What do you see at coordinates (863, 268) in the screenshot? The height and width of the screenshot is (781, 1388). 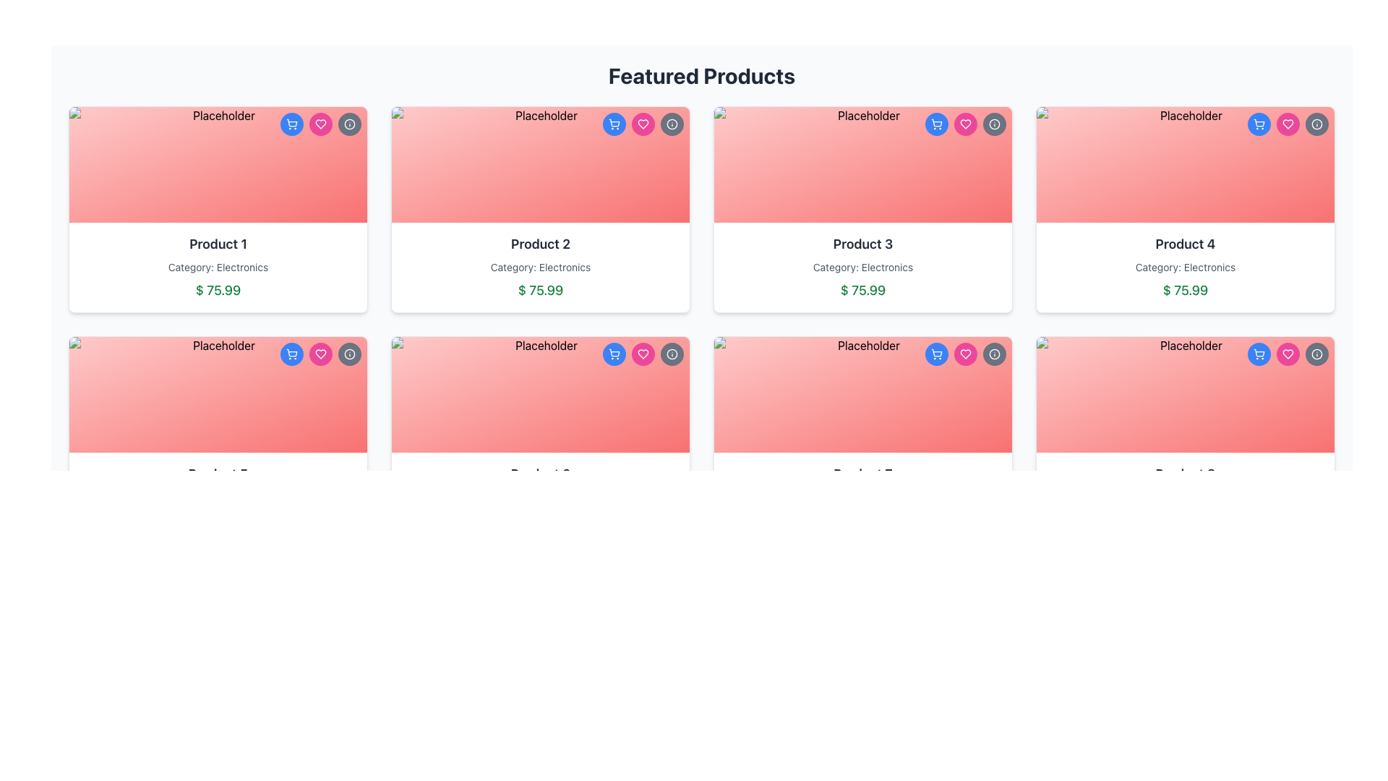 I see `text from the 'Product 3' Text block element, which includes the name, category, and price information` at bounding box center [863, 268].